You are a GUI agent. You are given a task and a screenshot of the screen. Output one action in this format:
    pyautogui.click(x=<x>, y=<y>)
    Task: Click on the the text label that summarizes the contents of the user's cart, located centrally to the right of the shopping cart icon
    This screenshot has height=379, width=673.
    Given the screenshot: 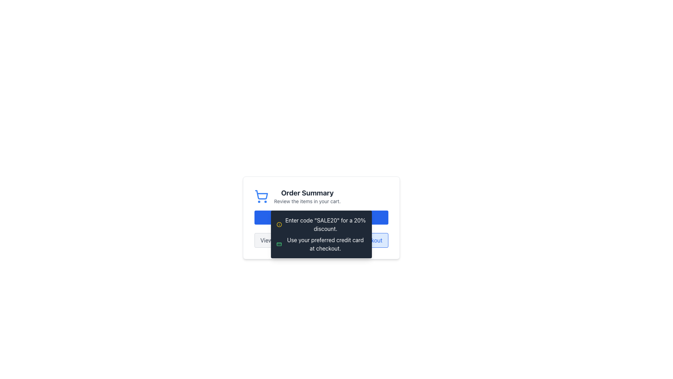 What is the action you would take?
    pyautogui.click(x=307, y=196)
    